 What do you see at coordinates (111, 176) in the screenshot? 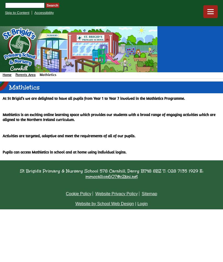
I see `'mmccallion607@c2kni.net'` at bounding box center [111, 176].